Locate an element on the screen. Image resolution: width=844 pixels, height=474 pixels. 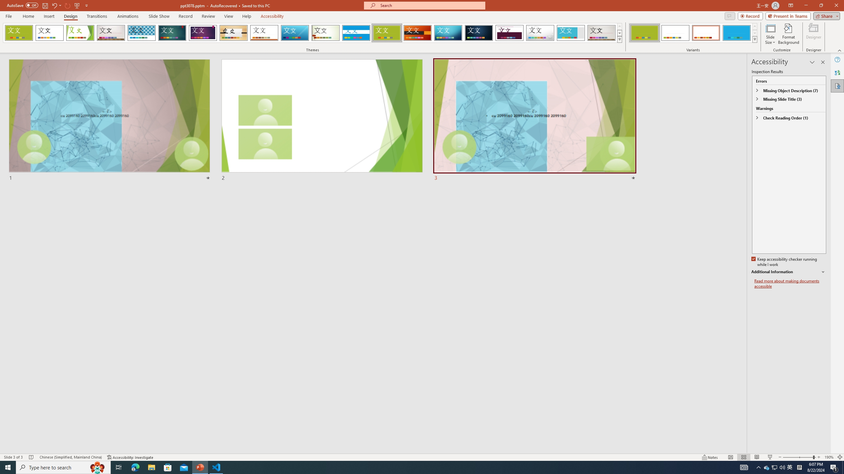
'Facet' is located at coordinates (80, 33).